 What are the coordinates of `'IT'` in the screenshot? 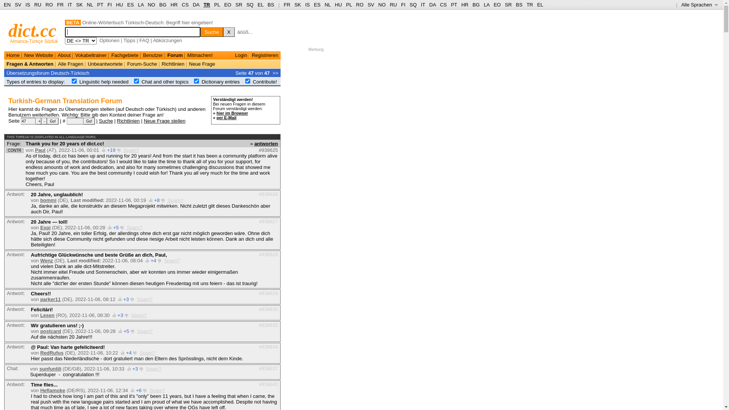 It's located at (422, 5).